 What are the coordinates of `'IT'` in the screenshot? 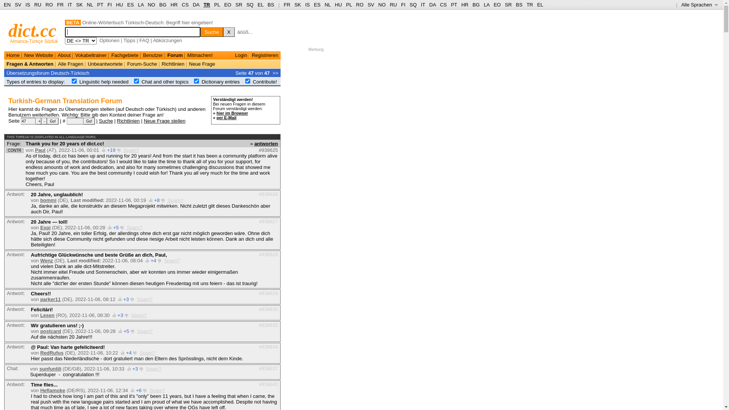 It's located at (422, 5).